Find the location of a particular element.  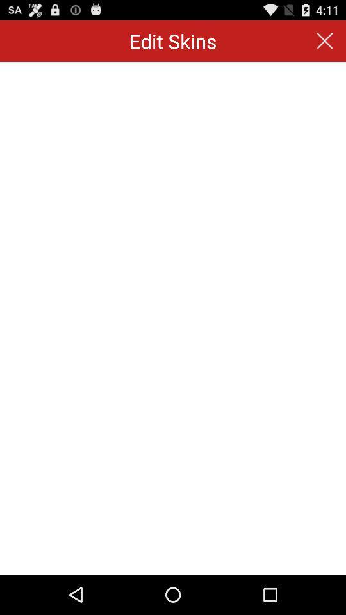

the icon next to the edit skins item is located at coordinates (325, 41).